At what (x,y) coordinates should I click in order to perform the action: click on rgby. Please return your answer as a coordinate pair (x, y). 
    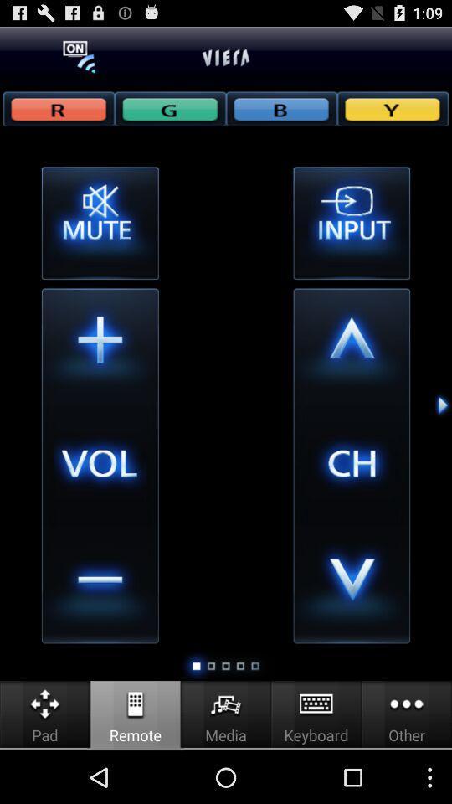
    Looking at the image, I should click on (281, 107).